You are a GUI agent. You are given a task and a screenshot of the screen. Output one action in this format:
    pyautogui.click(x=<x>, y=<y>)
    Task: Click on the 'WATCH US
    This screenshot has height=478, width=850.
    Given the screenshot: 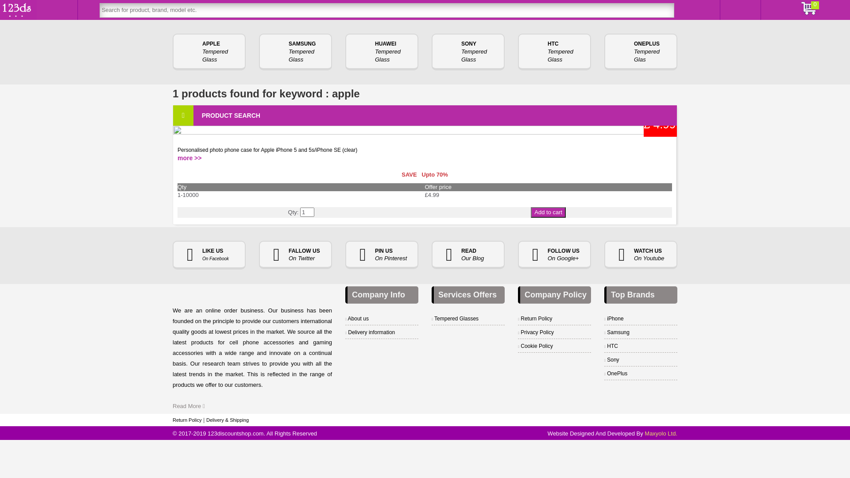 What is the action you would take?
    pyautogui.click(x=641, y=255)
    